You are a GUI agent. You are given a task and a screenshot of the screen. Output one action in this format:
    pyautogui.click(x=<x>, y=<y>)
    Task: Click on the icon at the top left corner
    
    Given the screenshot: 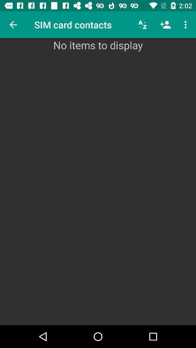 What is the action you would take?
    pyautogui.click(x=13, y=25)
    